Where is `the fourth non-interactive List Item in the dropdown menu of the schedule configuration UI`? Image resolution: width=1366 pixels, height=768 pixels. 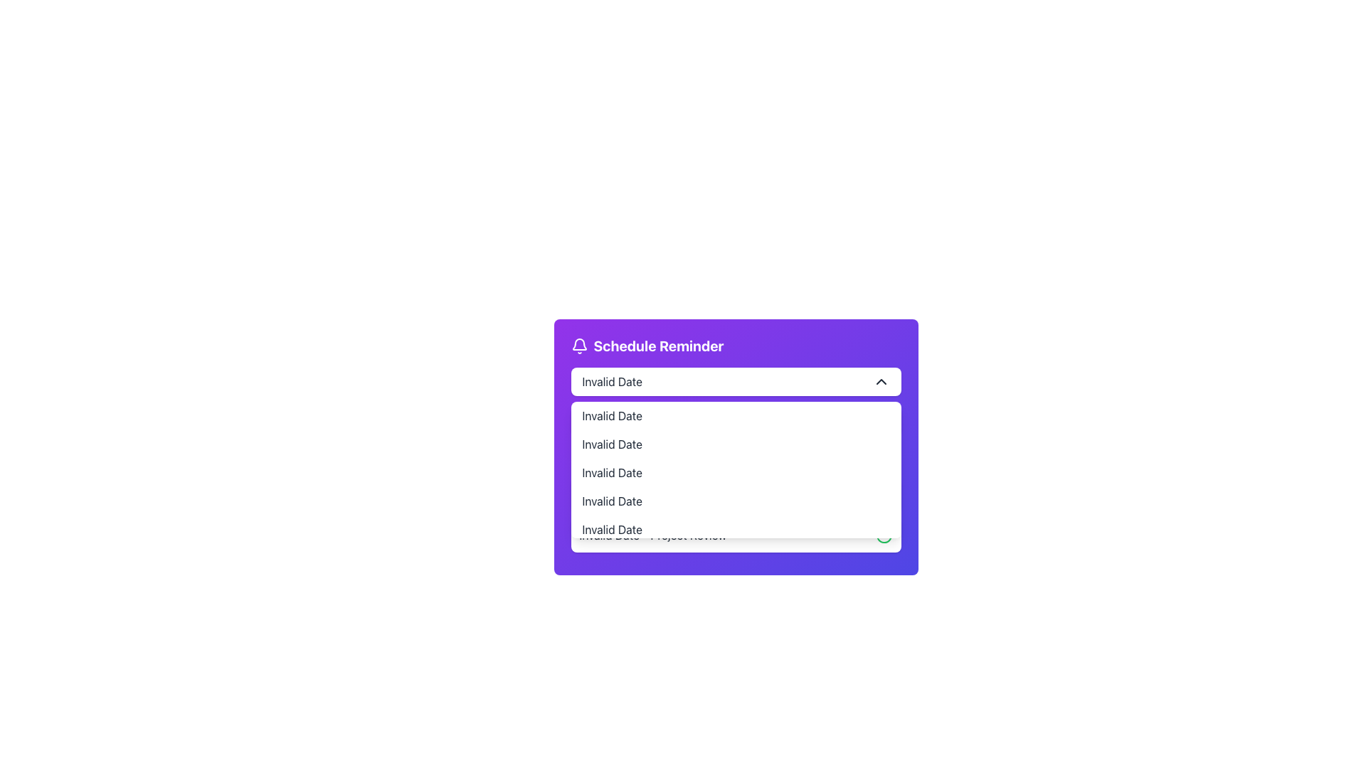 the fourth non-interactive List Item in the dropdown menu of the schedule configuration UI is located at coordinates (736, 501).